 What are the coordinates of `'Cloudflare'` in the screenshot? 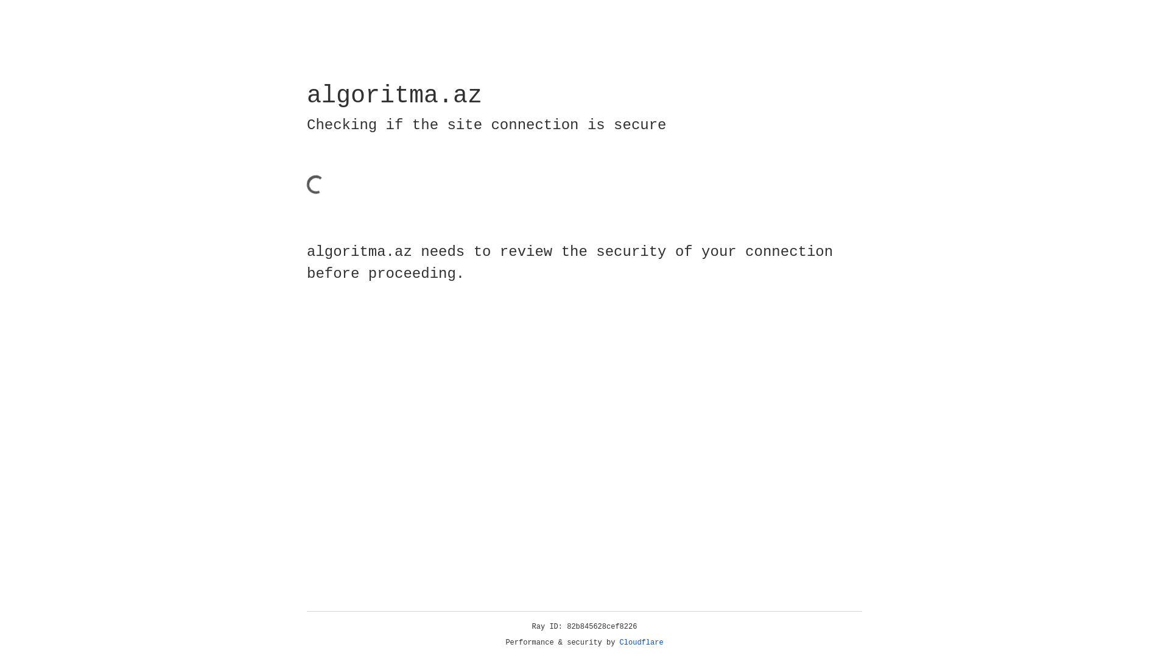 It's located at (619, 642).